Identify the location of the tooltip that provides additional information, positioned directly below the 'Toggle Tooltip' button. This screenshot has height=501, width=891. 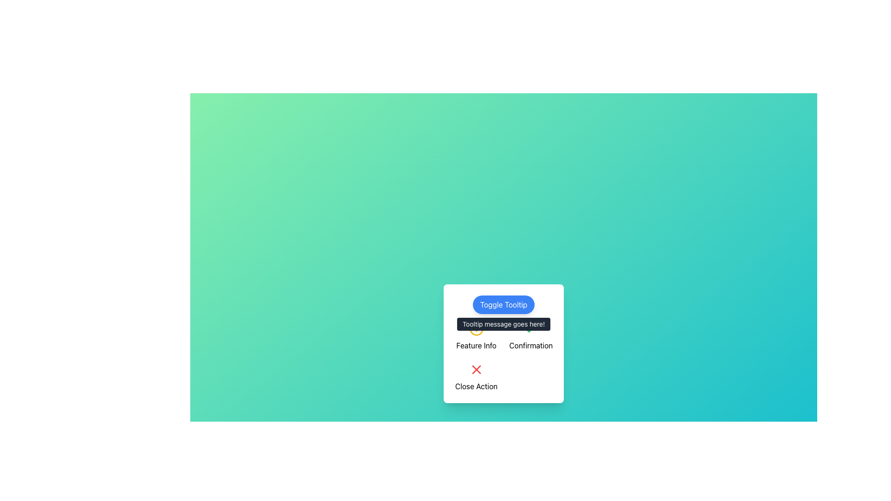
(503, 323).